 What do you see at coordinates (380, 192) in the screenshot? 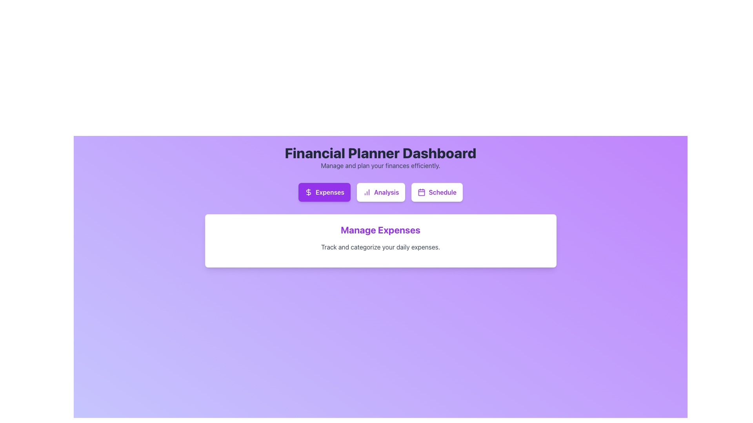
I see `the 'Expenses' button in the toolbar below the 'Financial Planner Dashboard'` at bounding box center [380, 192].